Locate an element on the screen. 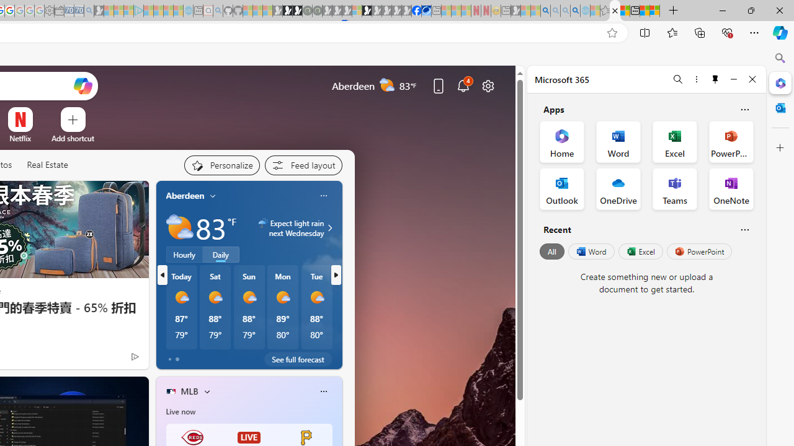  'Cheap Car Rentals - Save70.com - Sleeping' is located at coordinates (78, 11).